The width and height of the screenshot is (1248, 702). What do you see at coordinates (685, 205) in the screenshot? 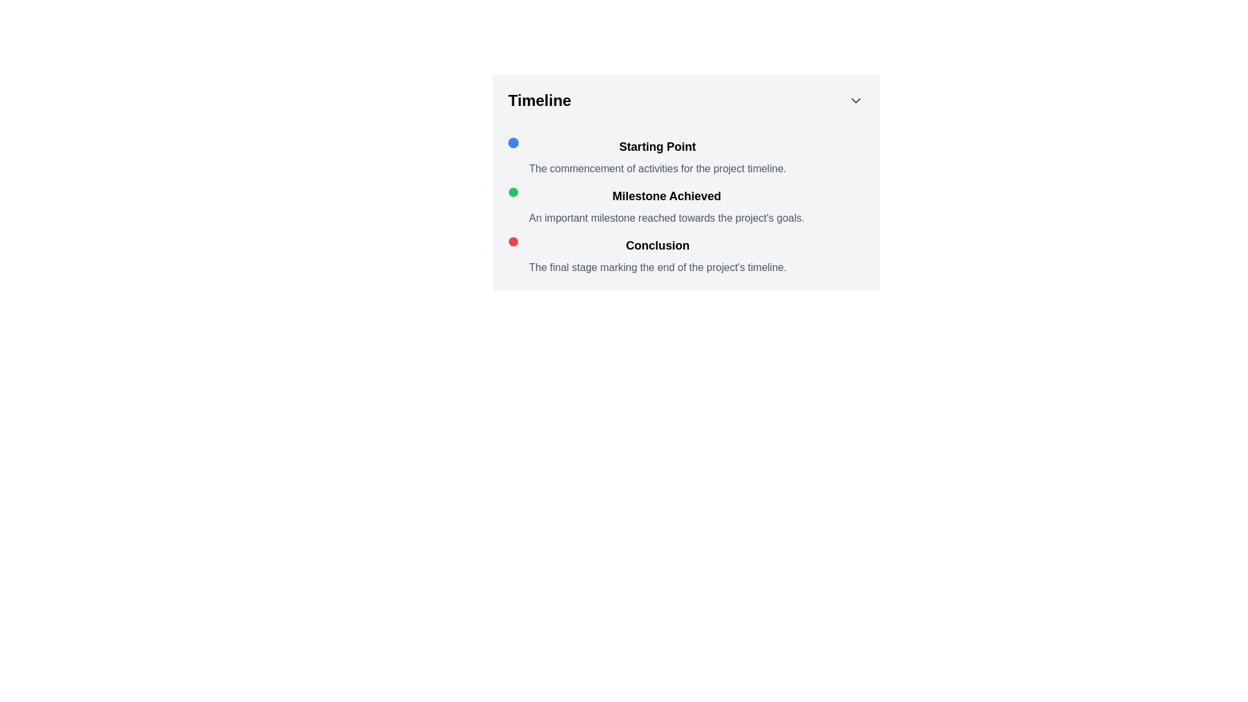
I see `the Text block with a heading and description that indicates a completed milestone in the timeline, which is centrally placed and occupies the second position among three timeline items` at bounding box center [685, 205].